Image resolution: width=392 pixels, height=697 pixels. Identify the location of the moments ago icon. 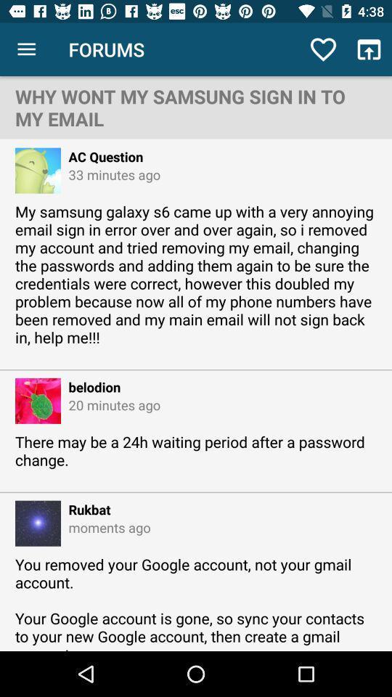
(105, 526).